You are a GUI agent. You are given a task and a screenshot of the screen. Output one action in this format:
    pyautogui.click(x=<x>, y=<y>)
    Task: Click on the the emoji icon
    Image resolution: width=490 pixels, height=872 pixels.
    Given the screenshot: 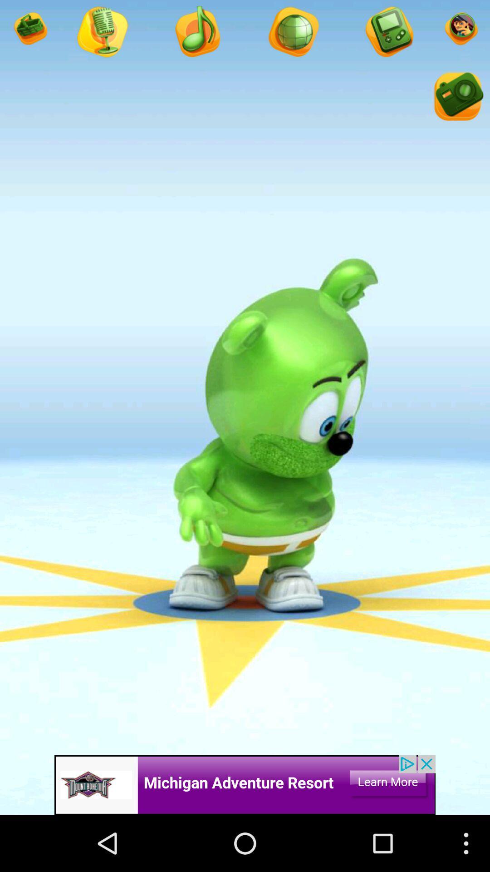 What is the action you would take?
    pyautogui.click(x=29, y=32)
    